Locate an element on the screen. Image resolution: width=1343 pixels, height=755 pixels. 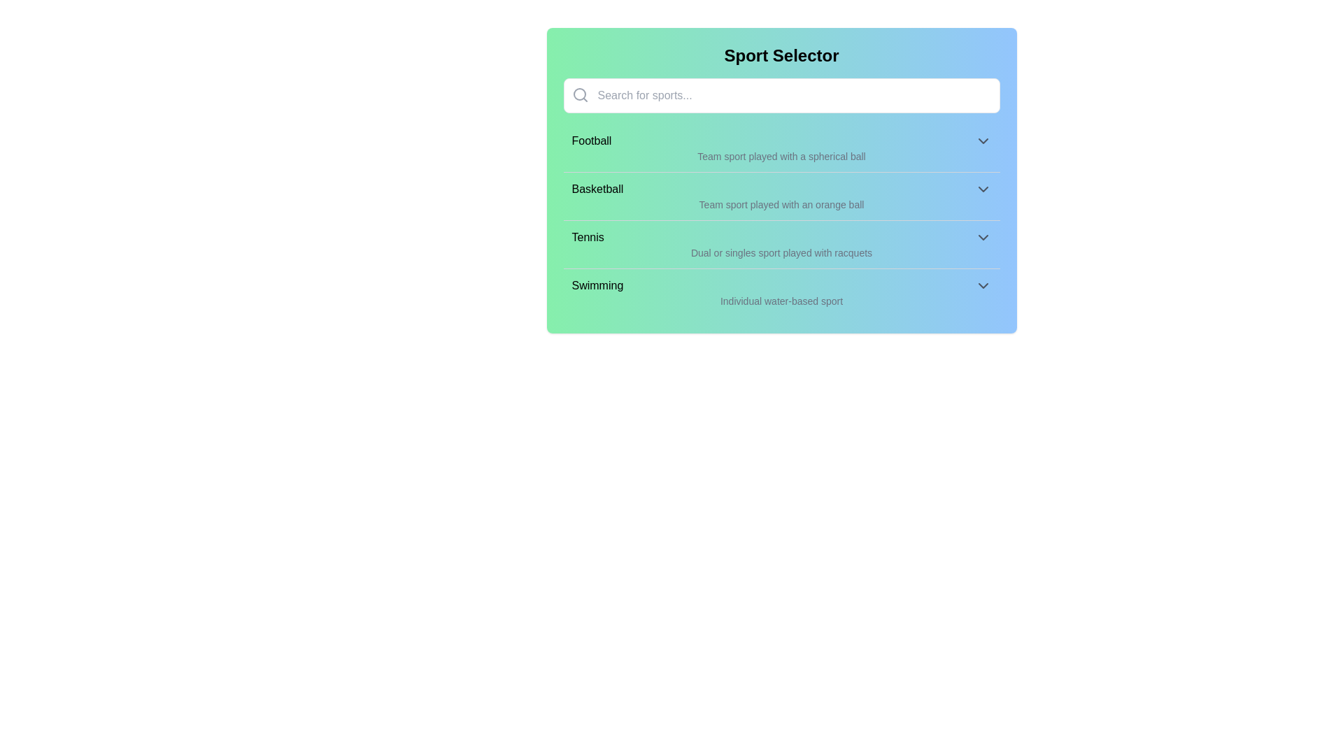
the descriptive Text Label located directly below the 'Basketball' option in the sport selector menu is located at coordinates (781, 205).